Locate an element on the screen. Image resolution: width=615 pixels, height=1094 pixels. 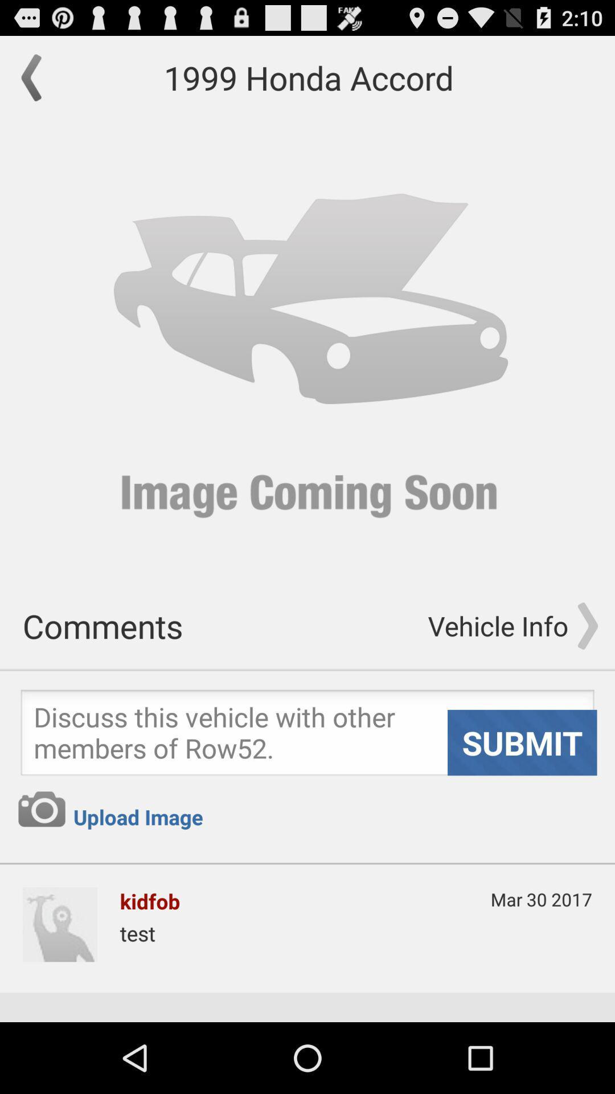
submit option is located at coordinates (307, 736).